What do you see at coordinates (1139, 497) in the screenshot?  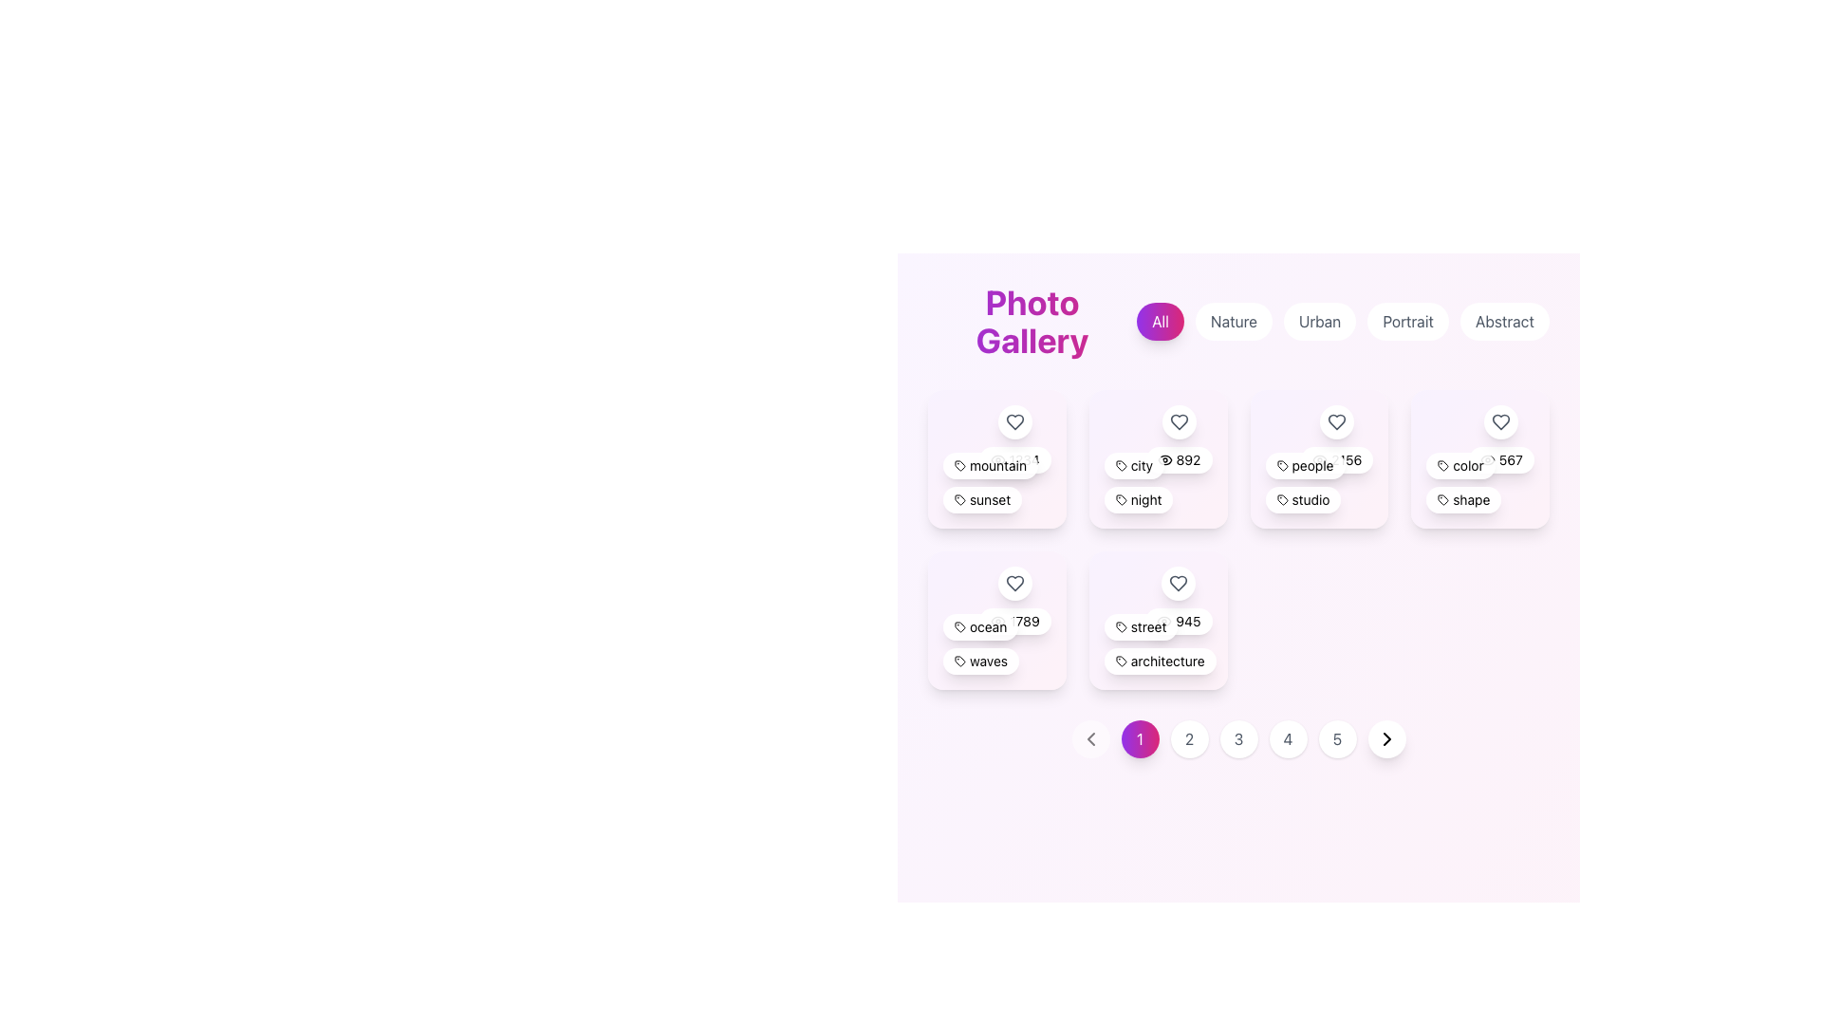 I see `the 'night' label tag, which is located in the second column of the grid layout, beneath the 'city' tag, to filter content in the gallery` at bounding box center [1139, 497].